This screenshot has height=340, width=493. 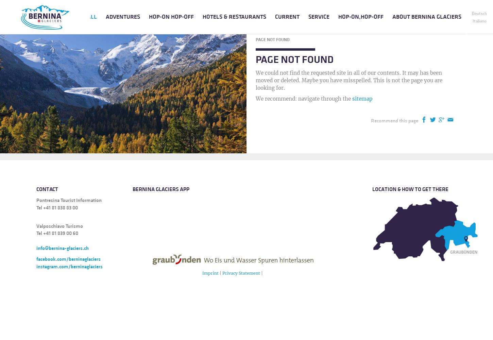 I want to click on 'Imprint', so click(x=209, y=273).